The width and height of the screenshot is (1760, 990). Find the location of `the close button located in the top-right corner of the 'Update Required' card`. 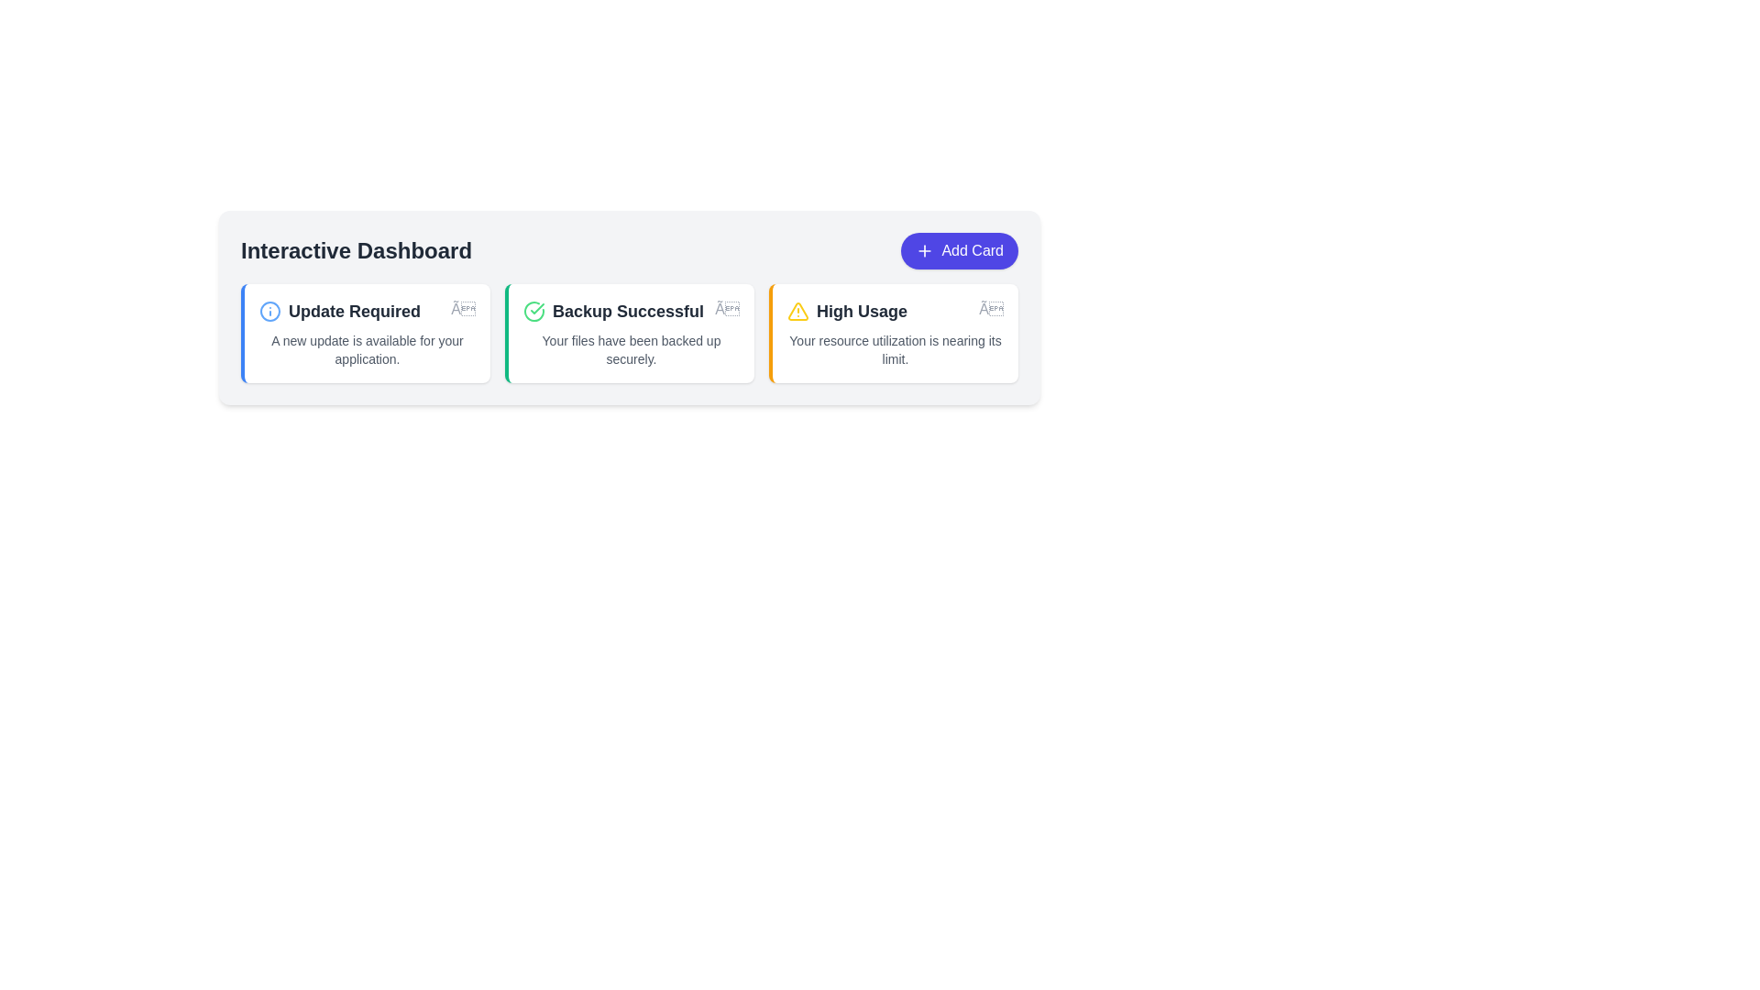

the close button located in the top-right corner of the 'Update Required' card is located at coordinates (463, 309).